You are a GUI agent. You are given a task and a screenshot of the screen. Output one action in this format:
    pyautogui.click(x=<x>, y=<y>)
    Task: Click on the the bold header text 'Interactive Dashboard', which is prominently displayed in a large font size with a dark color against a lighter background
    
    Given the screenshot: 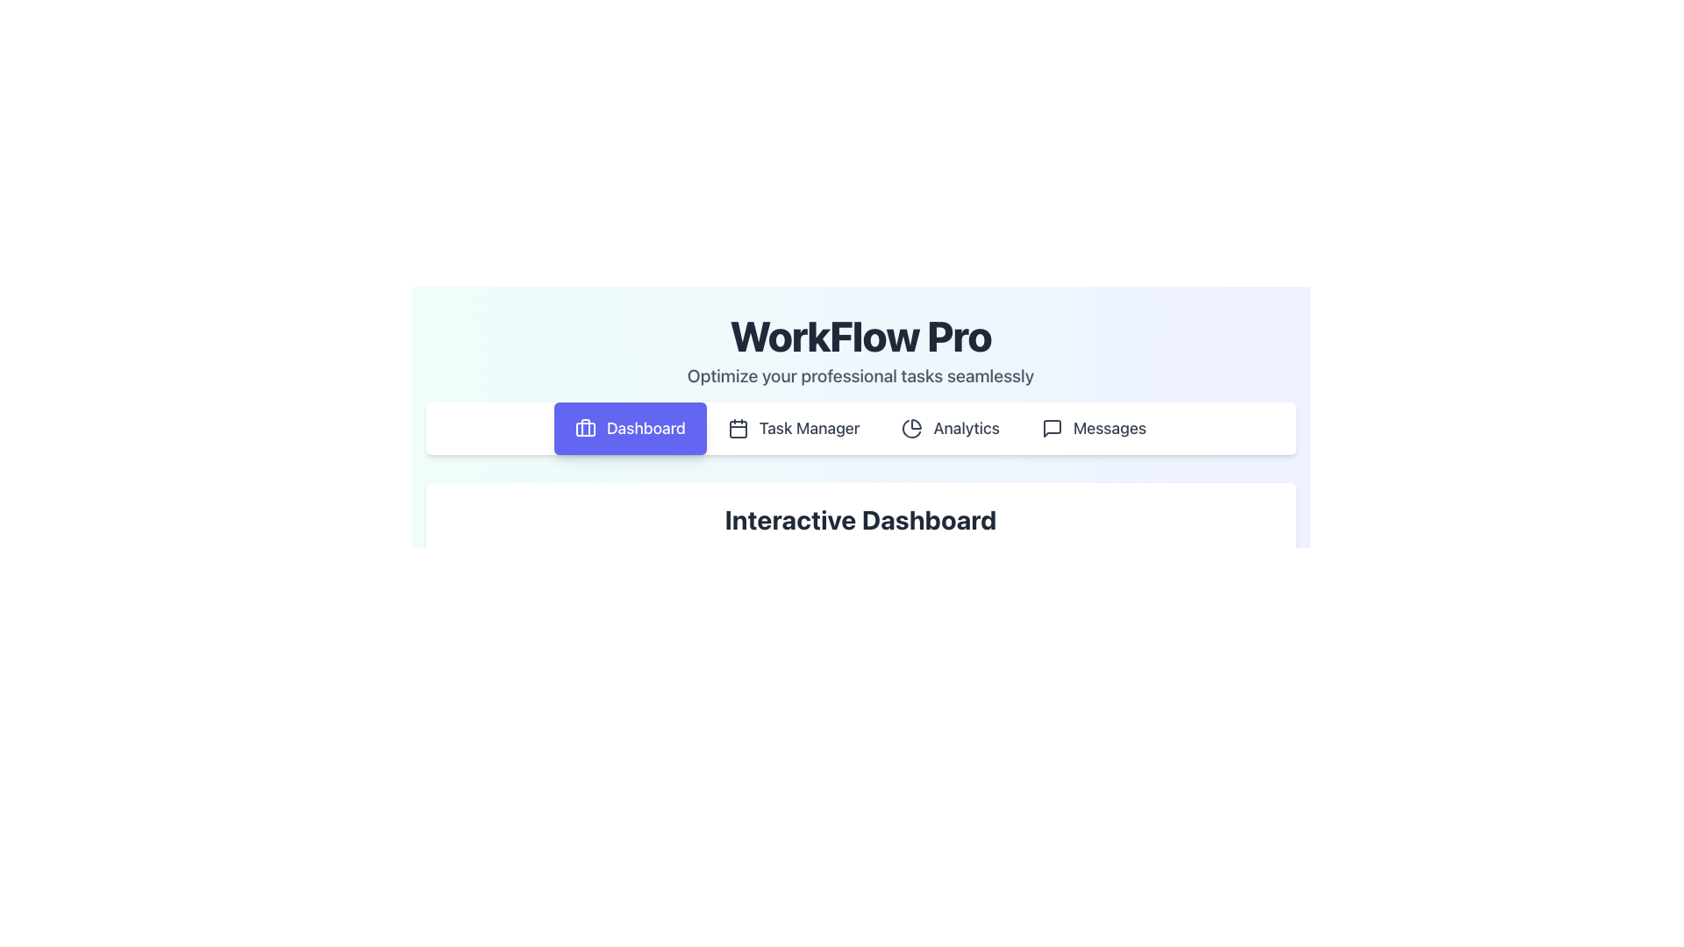 What is the action you would take?
    pyautogui.click(x=860, y=519)
    